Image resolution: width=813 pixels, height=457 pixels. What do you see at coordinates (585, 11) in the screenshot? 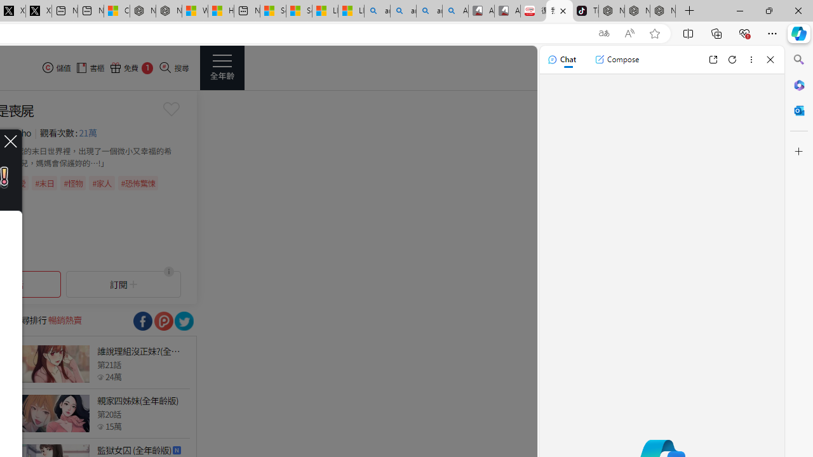
I see `'TikTok'` at bounding box center [585, 11].